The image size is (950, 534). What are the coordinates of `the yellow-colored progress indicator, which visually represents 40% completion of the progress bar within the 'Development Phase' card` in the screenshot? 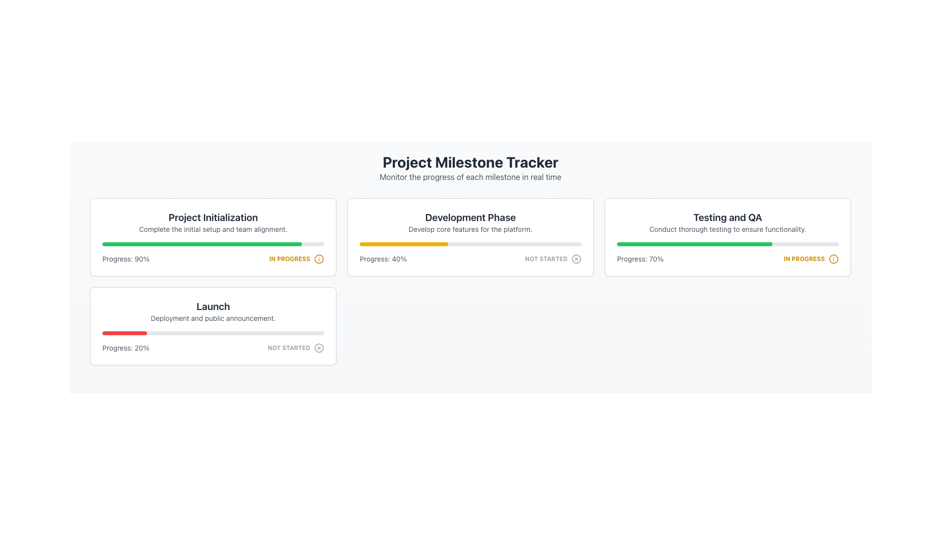 It's located at (404, 244).